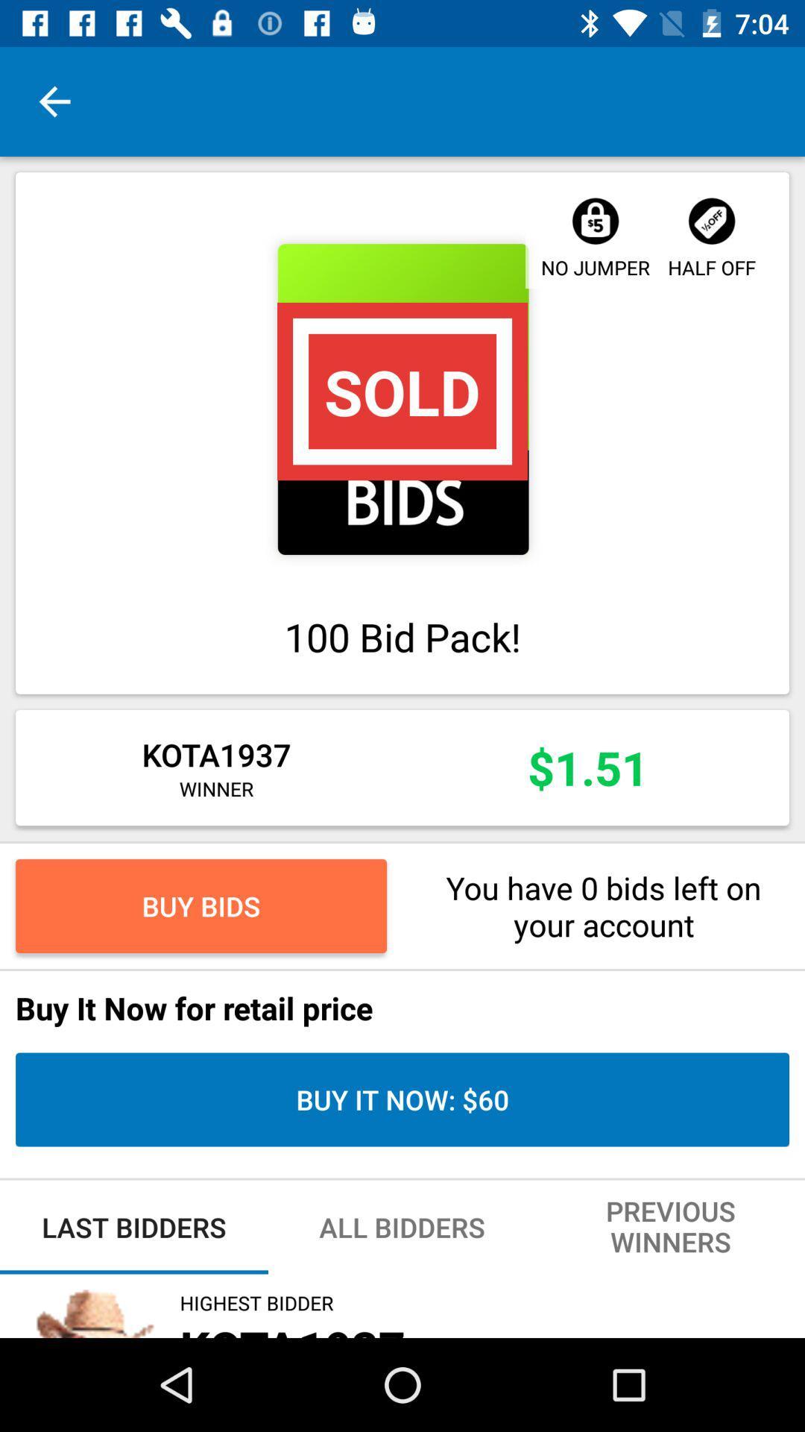 Image resolution: width=805 pixels, height=1432 pixels. I want to click on the icon next to the you have 0 item, so click(201, 905).